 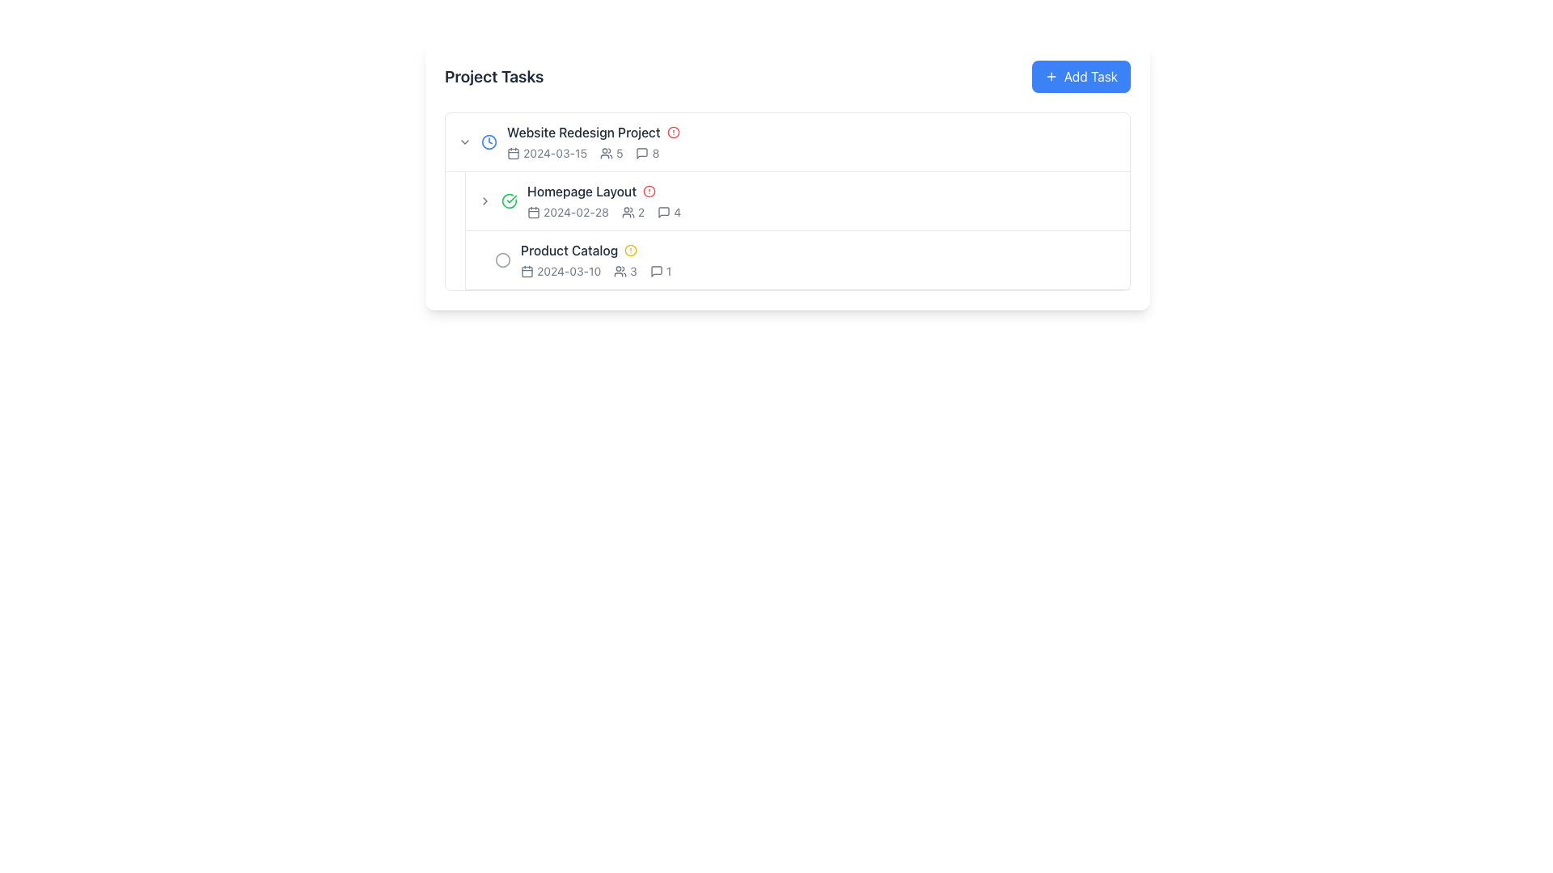 I want to click on the List item labeled 'Homepage Layout', so click(x=798, y=200).